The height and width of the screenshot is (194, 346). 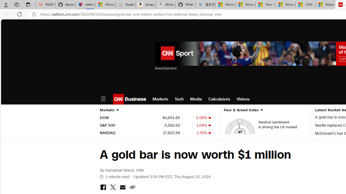 I want to click on 'copy link to clipboard', so click(x=132, y=187).